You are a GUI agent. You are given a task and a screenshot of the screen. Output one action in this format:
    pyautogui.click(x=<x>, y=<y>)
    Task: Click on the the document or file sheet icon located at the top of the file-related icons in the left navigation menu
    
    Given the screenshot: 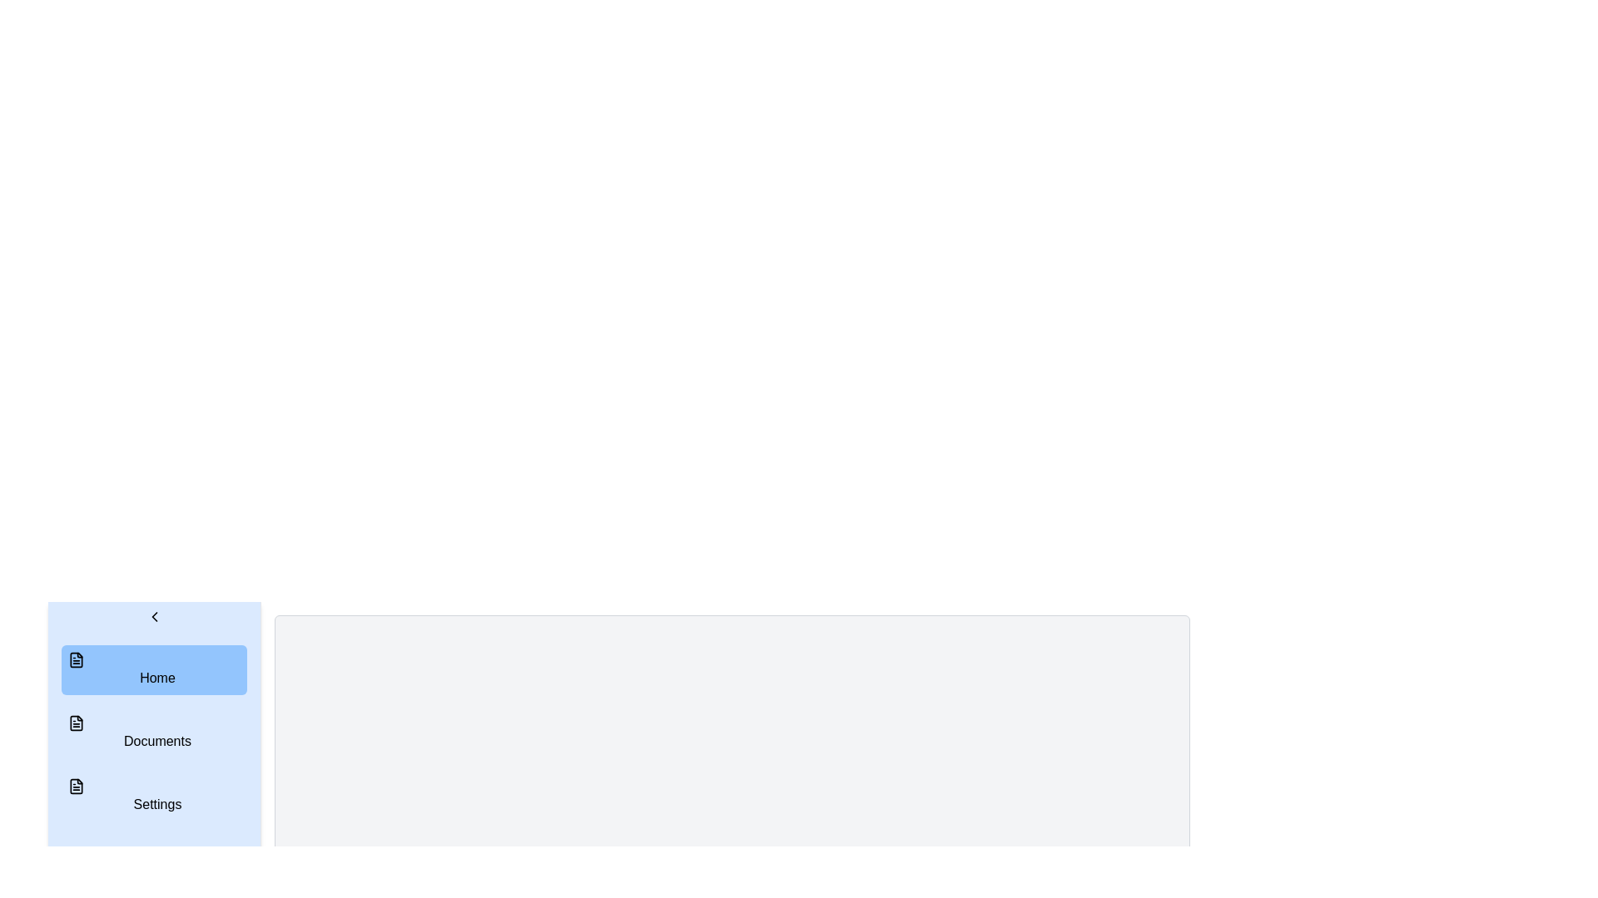 What is the action you would take?
    pyautogui.click(x=75, y=723)
    